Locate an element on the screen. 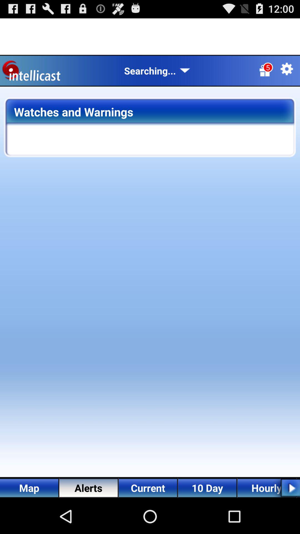  the searching option along with drop down icon is located at coordinates (157, 70).